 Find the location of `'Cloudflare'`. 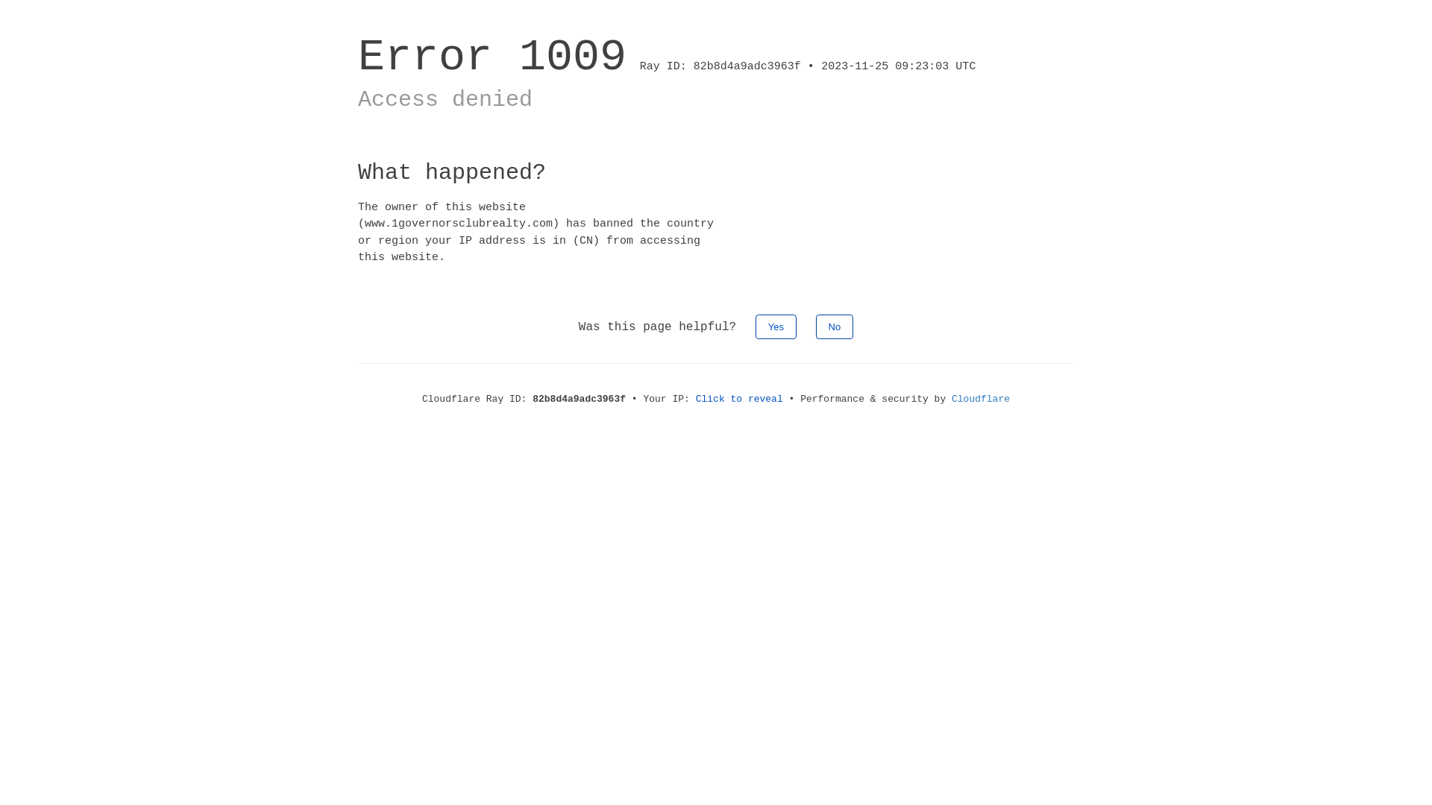

'Cloudflare' is located at coordinates (981, 398).